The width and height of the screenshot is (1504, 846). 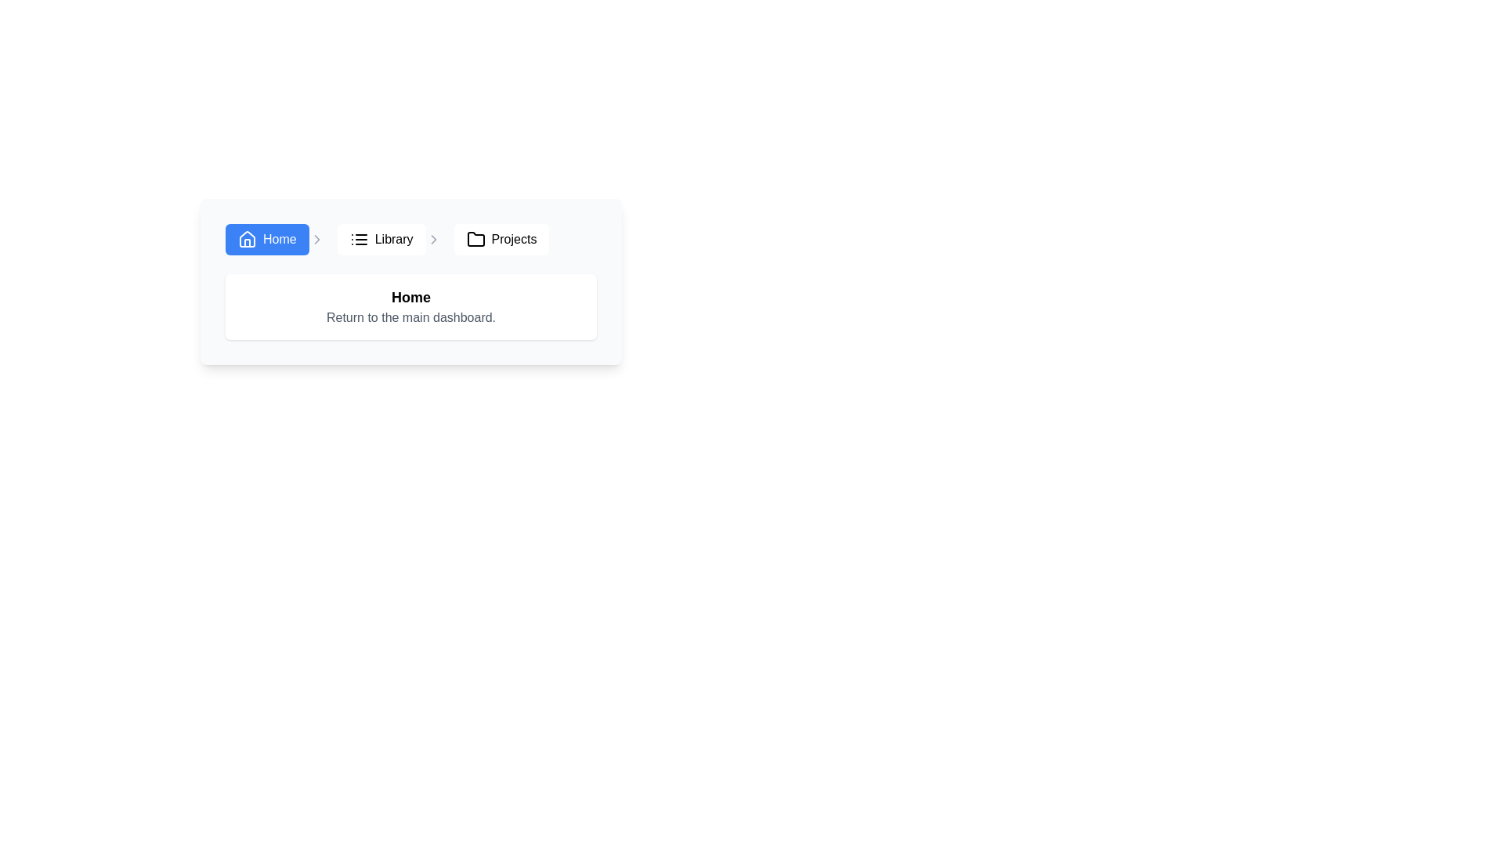 I want to click on the function of the navigational progression icon located to the right of the 'Library' text label in the breadcrumb navigation component, so click(x=433, y=239).